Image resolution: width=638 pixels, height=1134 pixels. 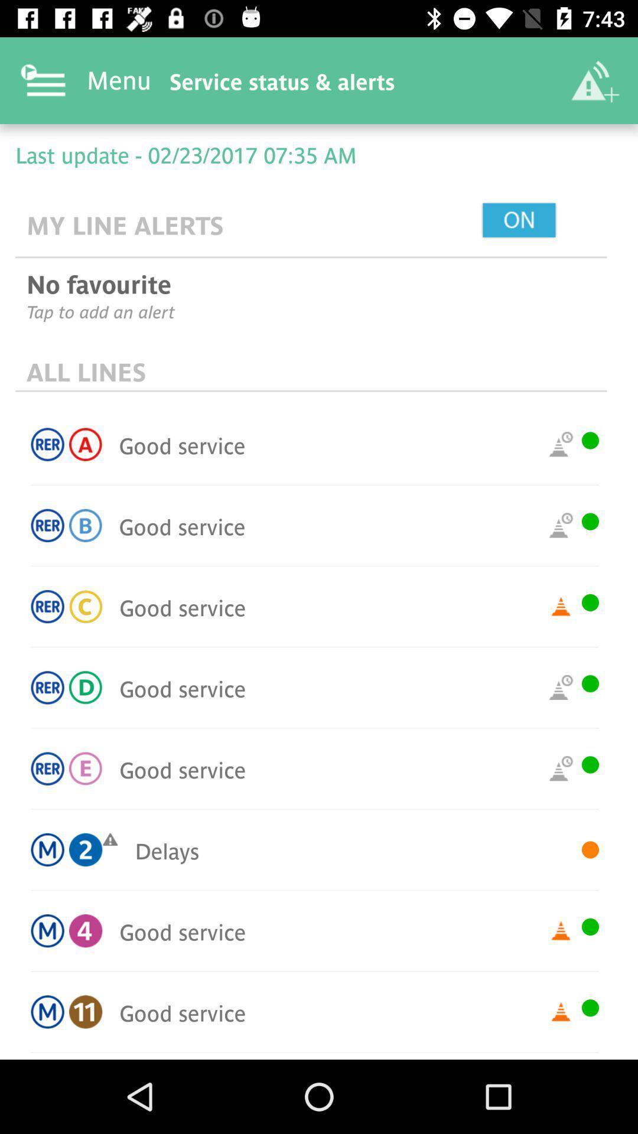 What do you see at coordinates (594, 80) in the screenshot?
I see `the icon next to service status & alerts` at bounding box center [594, 80].